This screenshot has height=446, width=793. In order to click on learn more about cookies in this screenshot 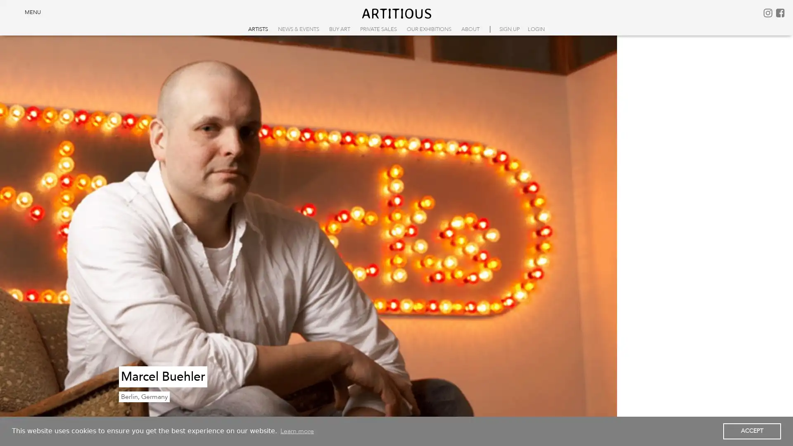, I will do `click(297, 431)`.